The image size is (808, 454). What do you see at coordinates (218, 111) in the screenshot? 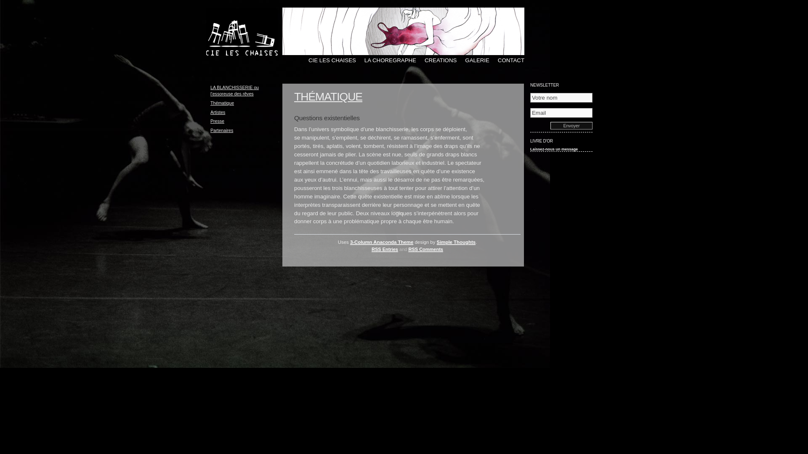
I see `'Artistes'` at bounding box center [218, 111].